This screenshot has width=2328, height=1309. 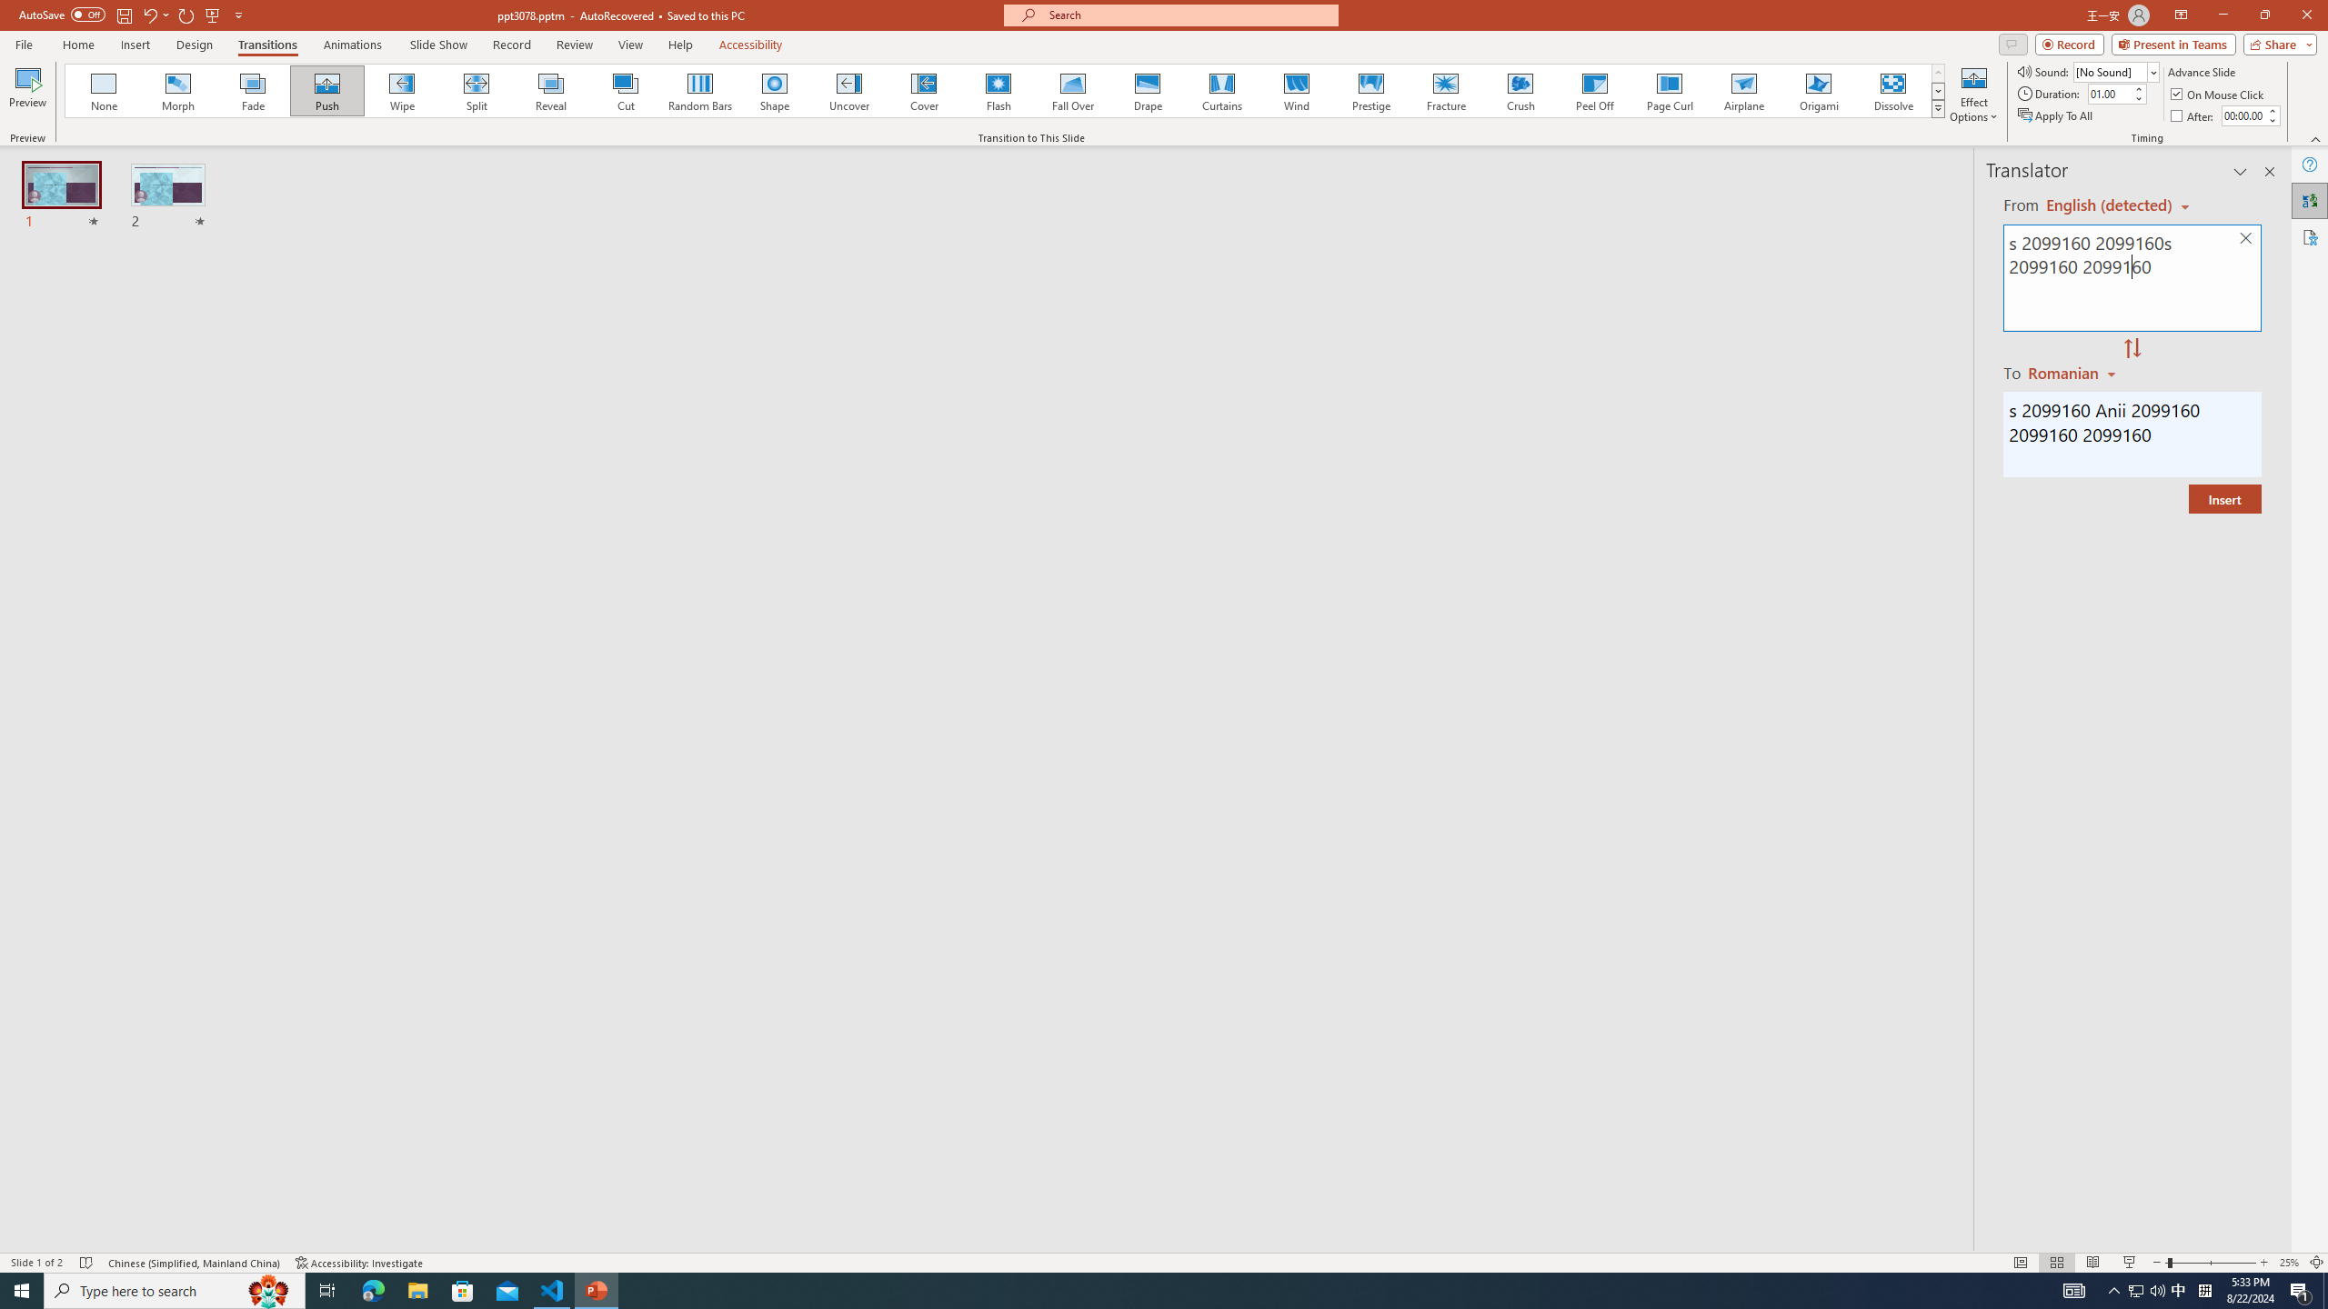 What do you see at coordinates (848, 90) in the screenshot?
I see `'Uncover'` at bounding box center [848, 90].